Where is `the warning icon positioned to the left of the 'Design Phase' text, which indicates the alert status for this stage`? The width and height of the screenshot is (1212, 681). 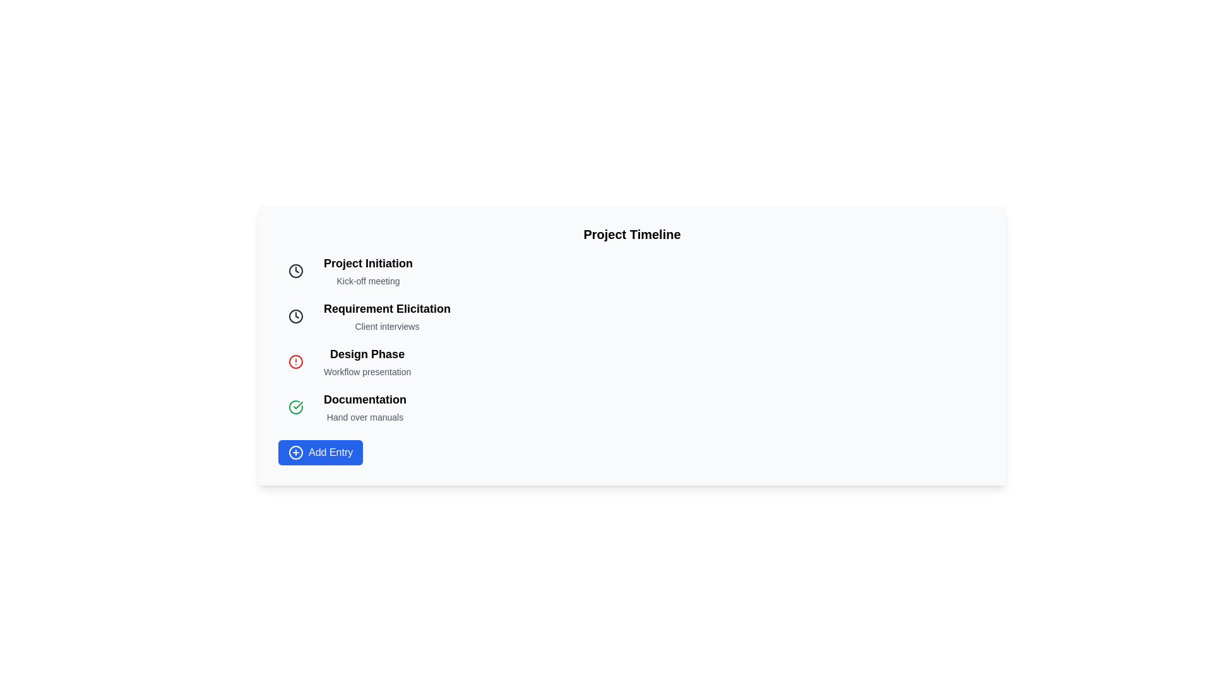
the warning icon positioned to the left of the 'Design Phase' text, which indicates the alert status for this stage is located at coordinates (295, 362).